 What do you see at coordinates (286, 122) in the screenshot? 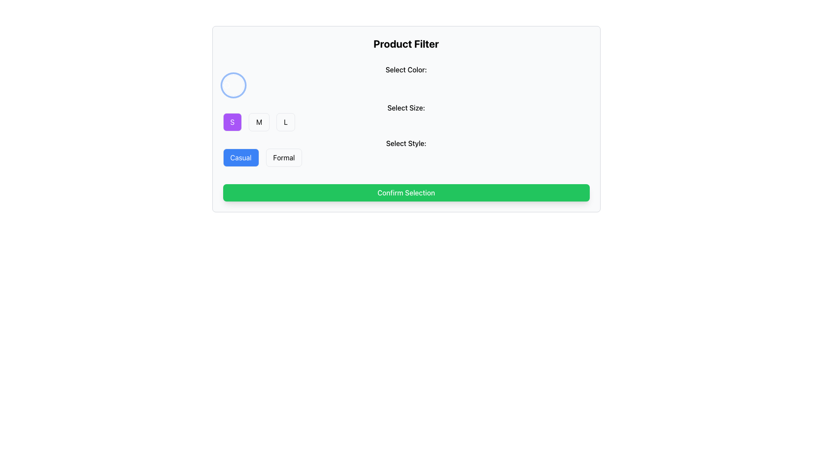
I see `the third button in the size selection group` at bounding box center [286, 122].